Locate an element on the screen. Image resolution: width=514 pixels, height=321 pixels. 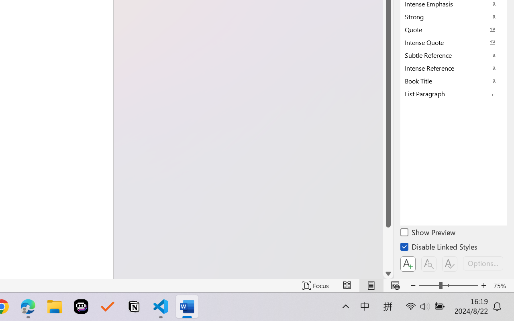
'Line down' is located at coordinates (388, 274).